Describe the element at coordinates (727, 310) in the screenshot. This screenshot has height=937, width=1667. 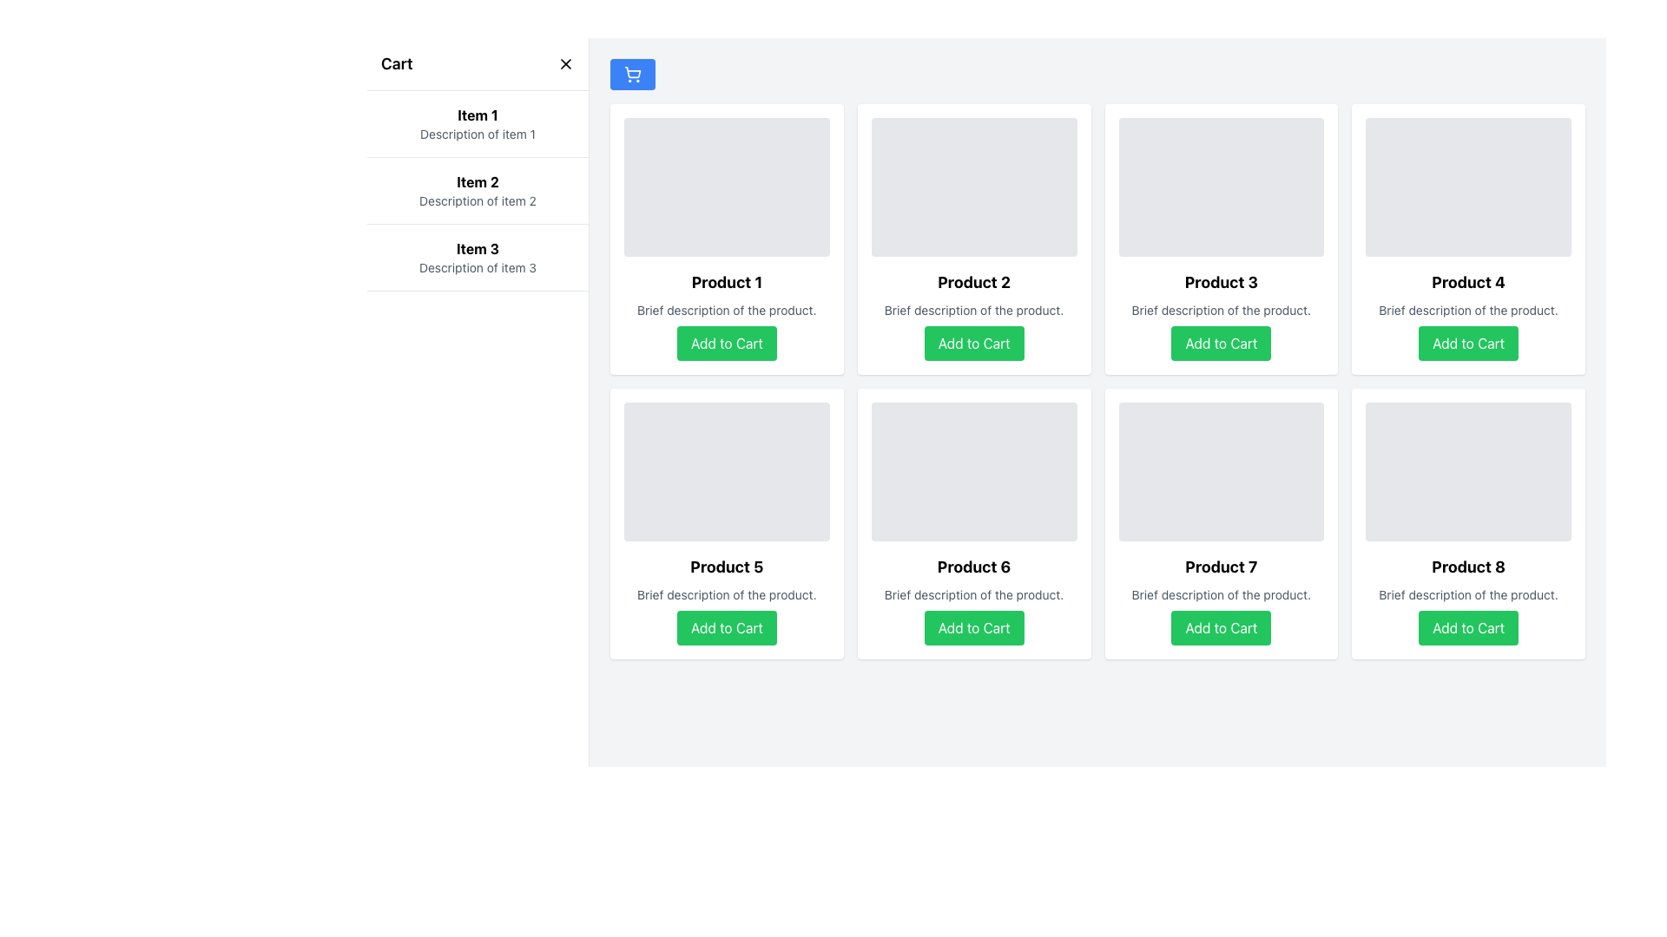
I see `descriptive text label located within the 'Product 1' card, positioned directly below the title 'Product 1' and above the 'Add to Cart' button` at that location.